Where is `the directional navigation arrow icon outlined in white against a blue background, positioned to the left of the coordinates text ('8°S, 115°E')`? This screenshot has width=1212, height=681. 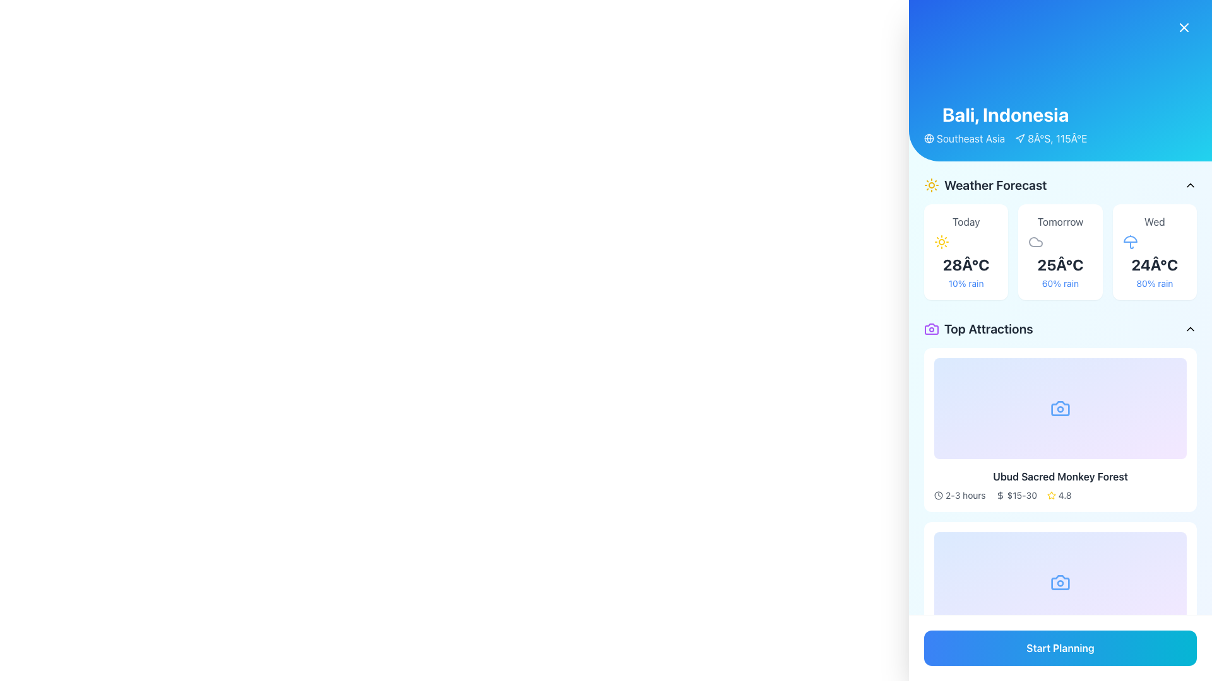 the directional navigation arrow icon outlined in white against a blue background, positioned to the left of the coordinates text ('8°S, 115°E') is located at coordinates (1020, 138).